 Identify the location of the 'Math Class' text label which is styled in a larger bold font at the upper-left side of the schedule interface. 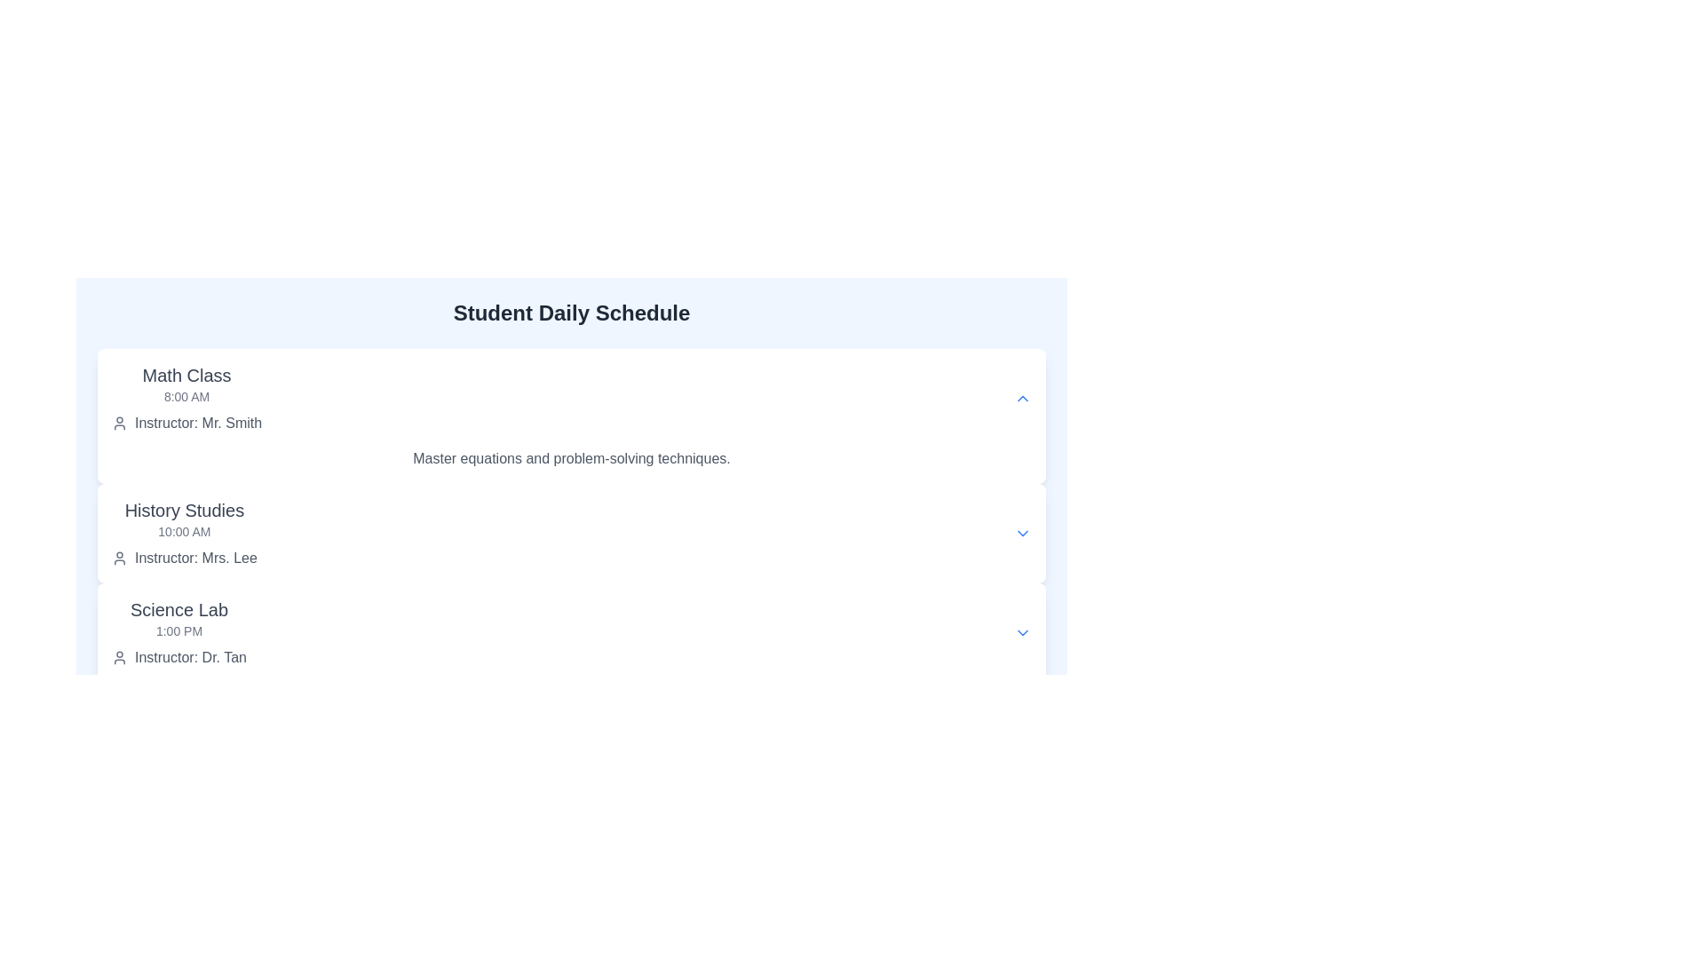
(186, 375).